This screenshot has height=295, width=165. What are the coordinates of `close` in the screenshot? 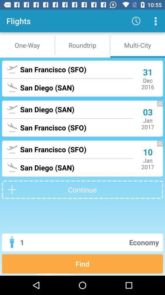 It's located at (157, 107).